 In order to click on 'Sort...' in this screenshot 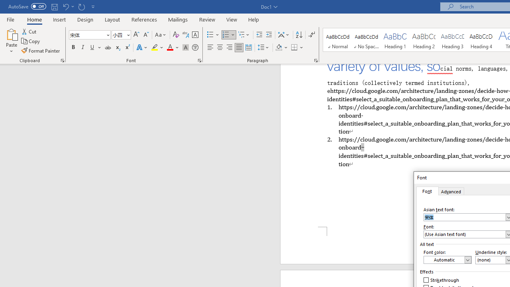, I will do `click(298, 34)`.